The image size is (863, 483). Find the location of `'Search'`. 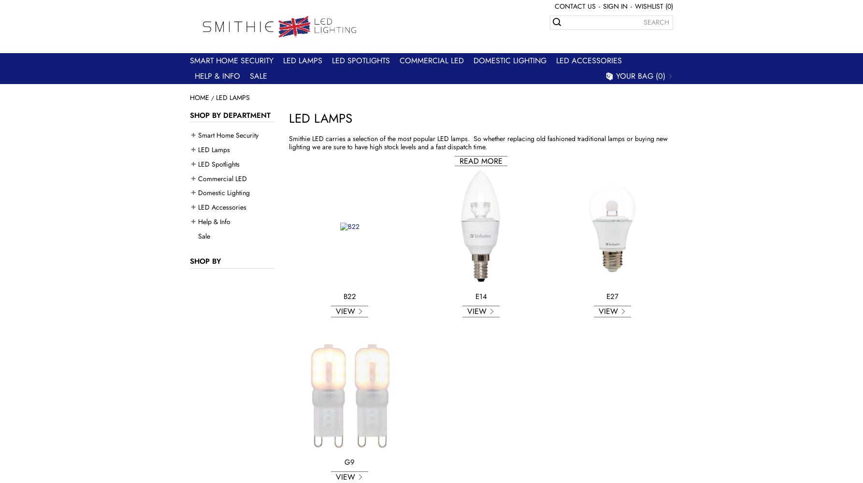

'Search' is located at coordinates (656, 22).